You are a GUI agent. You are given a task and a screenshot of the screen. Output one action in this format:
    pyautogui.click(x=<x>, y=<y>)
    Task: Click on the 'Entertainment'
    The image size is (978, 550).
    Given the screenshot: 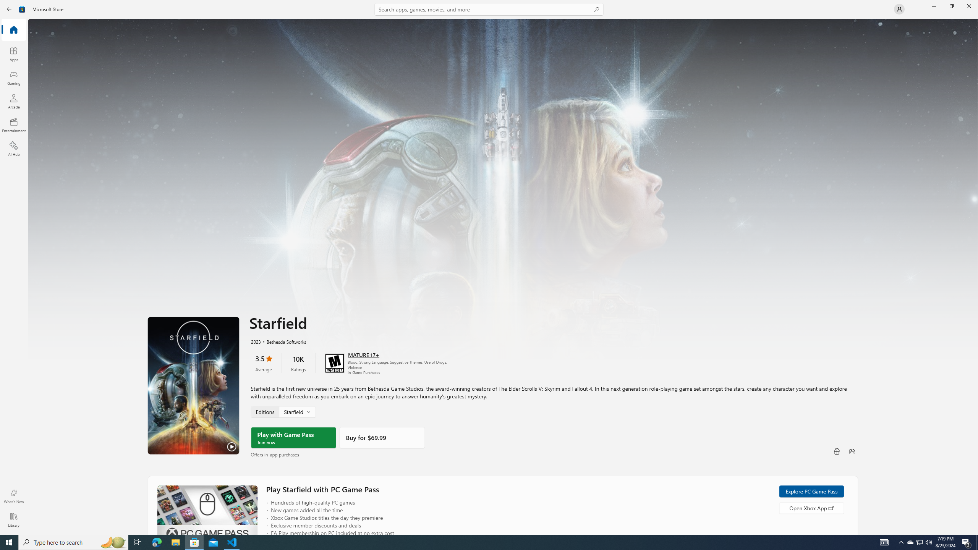 What is the action you would take?
    pyautogui.click(x=13, y=125)
    